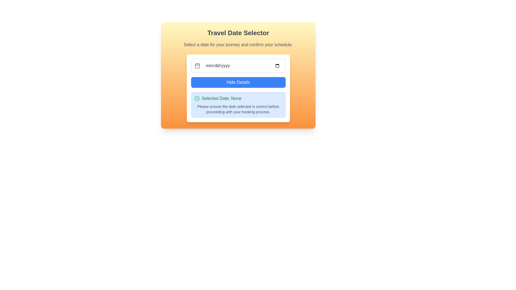 The width and height of the screenshot is (516, 290). I want to click on the informational label displaying 'Selected Date: None' with a confirmation icon on a rounded blue background, so click(238, 98).